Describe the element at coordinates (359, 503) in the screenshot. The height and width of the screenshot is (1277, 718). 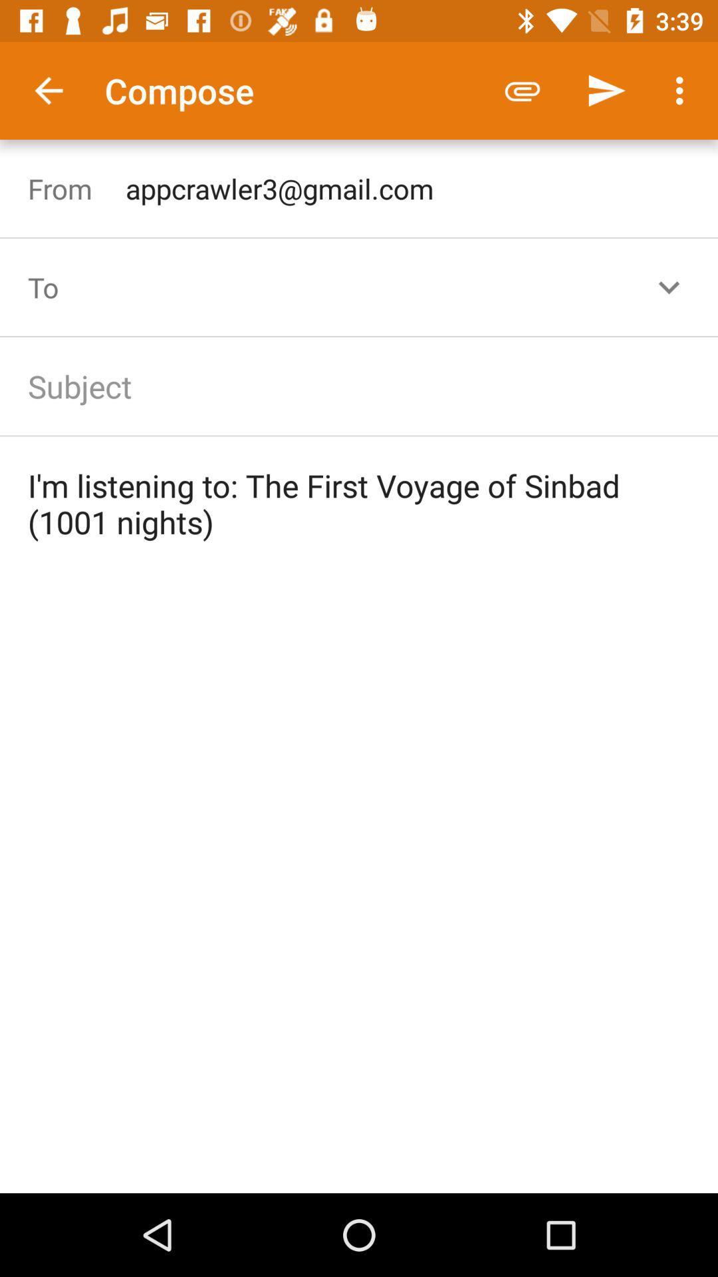
I see `the i m listening icon` at that location.